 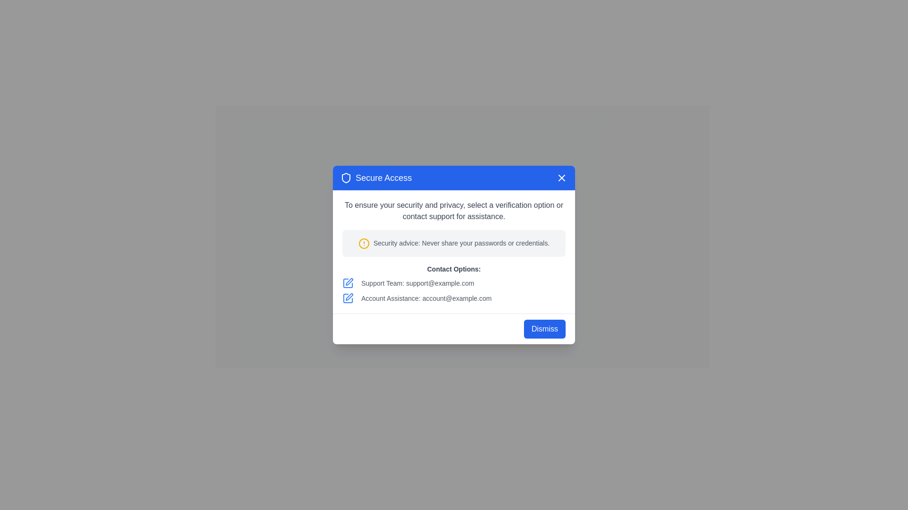 I want to click on the Informational text element that displays 'Support Team: support@example.com', which is accompanied by a blue pen icon, located under the 'Contact Options:' heading, so click(x=454, y=282).